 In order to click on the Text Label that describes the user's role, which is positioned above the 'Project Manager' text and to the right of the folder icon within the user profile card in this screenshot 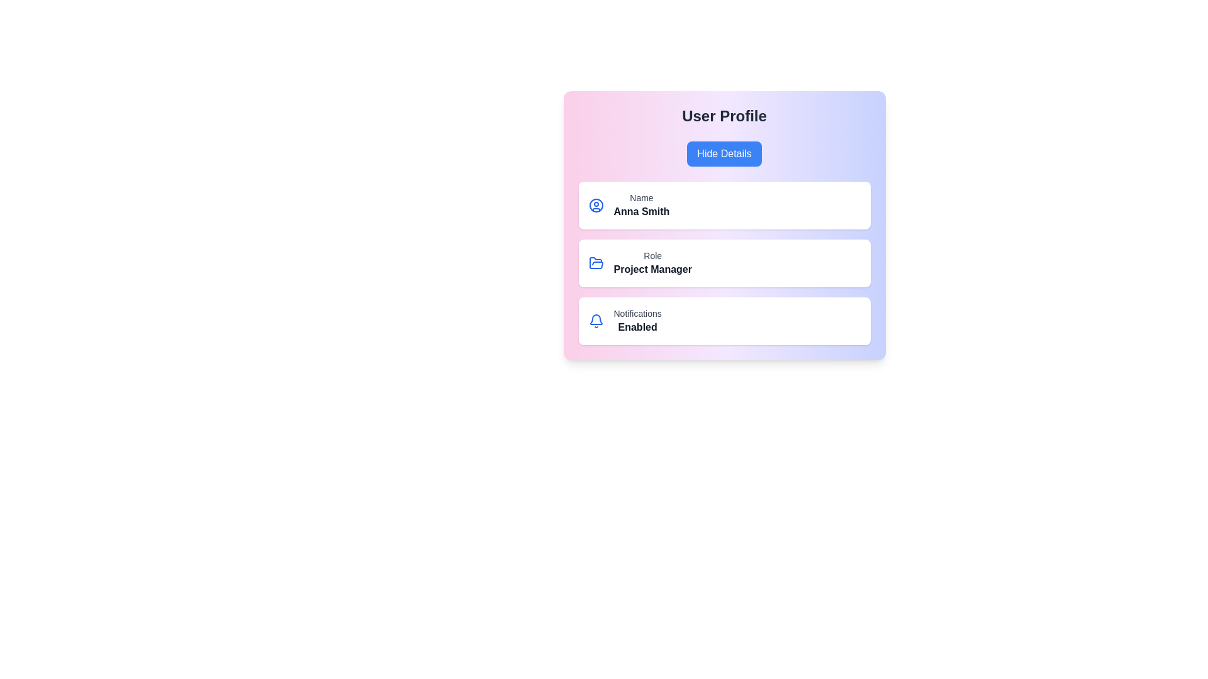, I will do `click(652, 255)`.